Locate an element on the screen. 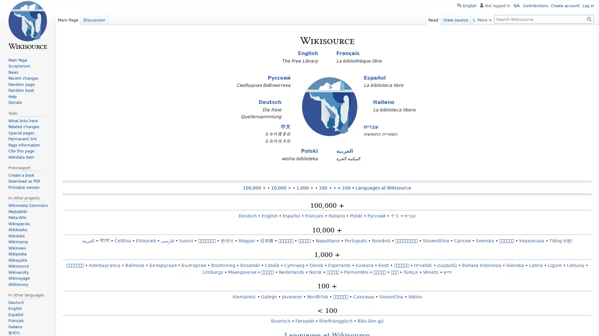  Search is located at coordinates (589, 19).